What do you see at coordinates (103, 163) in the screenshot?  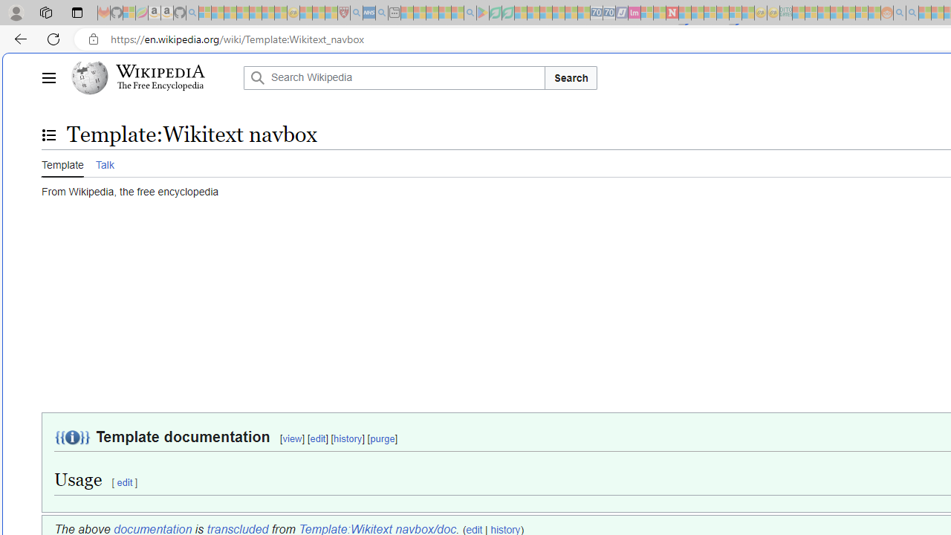 I see `'Talk'` at bounding box center [103, 163].